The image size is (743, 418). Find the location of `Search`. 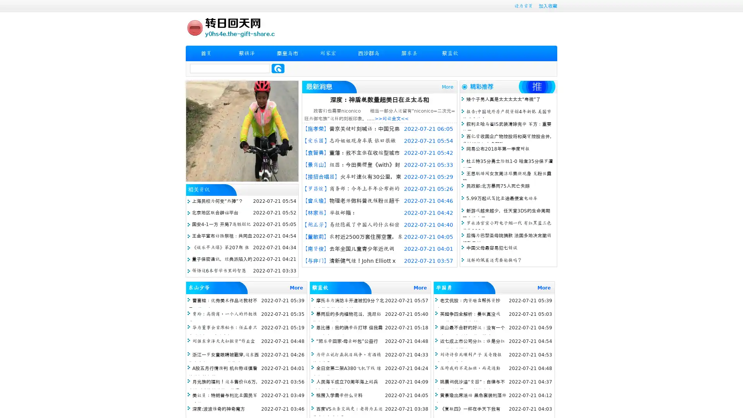

Search is located at coordinates (278, 68).